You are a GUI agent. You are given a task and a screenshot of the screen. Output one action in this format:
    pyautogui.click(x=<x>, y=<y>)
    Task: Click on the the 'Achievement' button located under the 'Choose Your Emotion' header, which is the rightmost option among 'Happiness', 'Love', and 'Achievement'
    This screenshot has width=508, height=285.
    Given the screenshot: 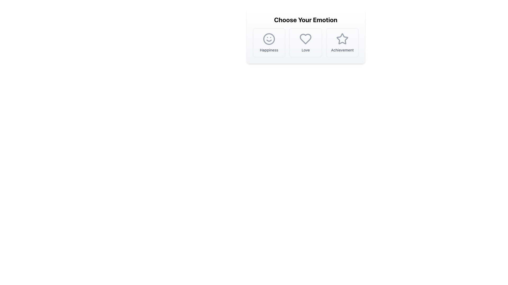 What is the action you would take?
    pyautogui.click(x=342, y=42)
    